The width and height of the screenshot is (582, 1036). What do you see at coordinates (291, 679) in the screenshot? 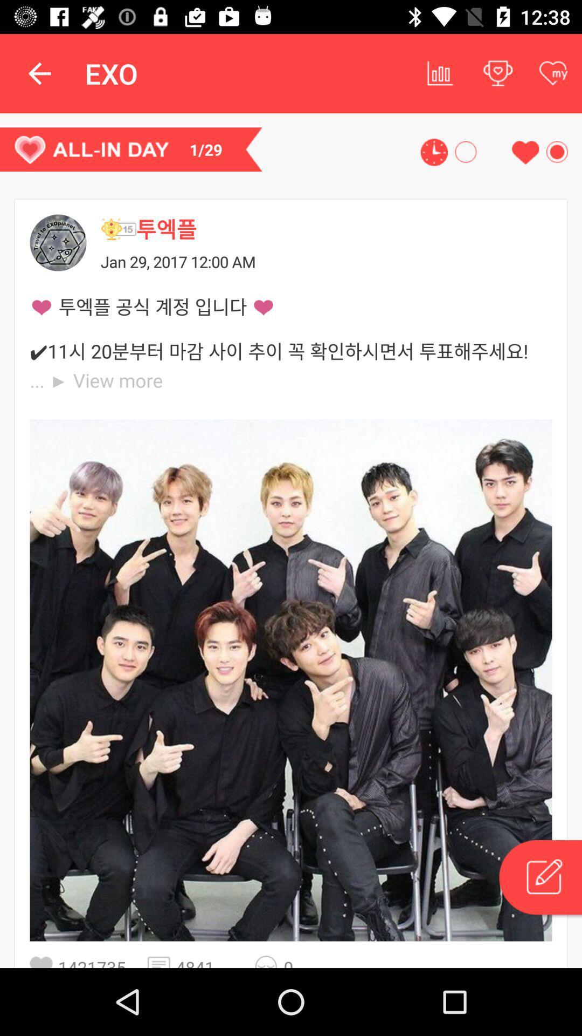
I see `enlarge picture` at bounding box center [291, 679].